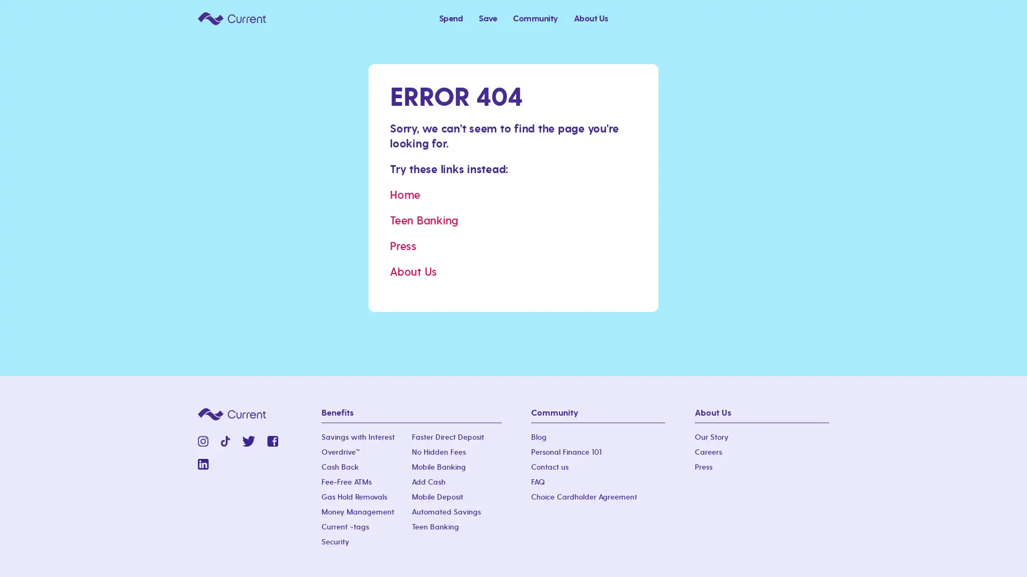  What do you see at coordinates (357, 512) in the screenshot?
I see `Money Management` at bounding box center [357, 512].